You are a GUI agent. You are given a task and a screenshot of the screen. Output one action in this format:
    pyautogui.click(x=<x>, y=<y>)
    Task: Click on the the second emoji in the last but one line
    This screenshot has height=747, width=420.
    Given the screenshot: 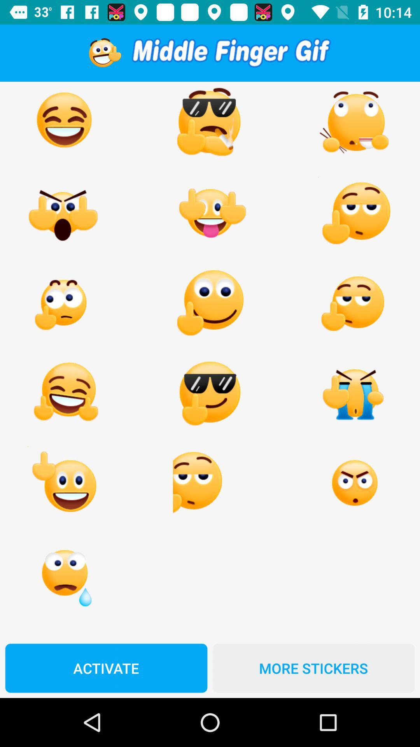 What is the action you would take?
    pyautogui.click(x=209, y=483)
    